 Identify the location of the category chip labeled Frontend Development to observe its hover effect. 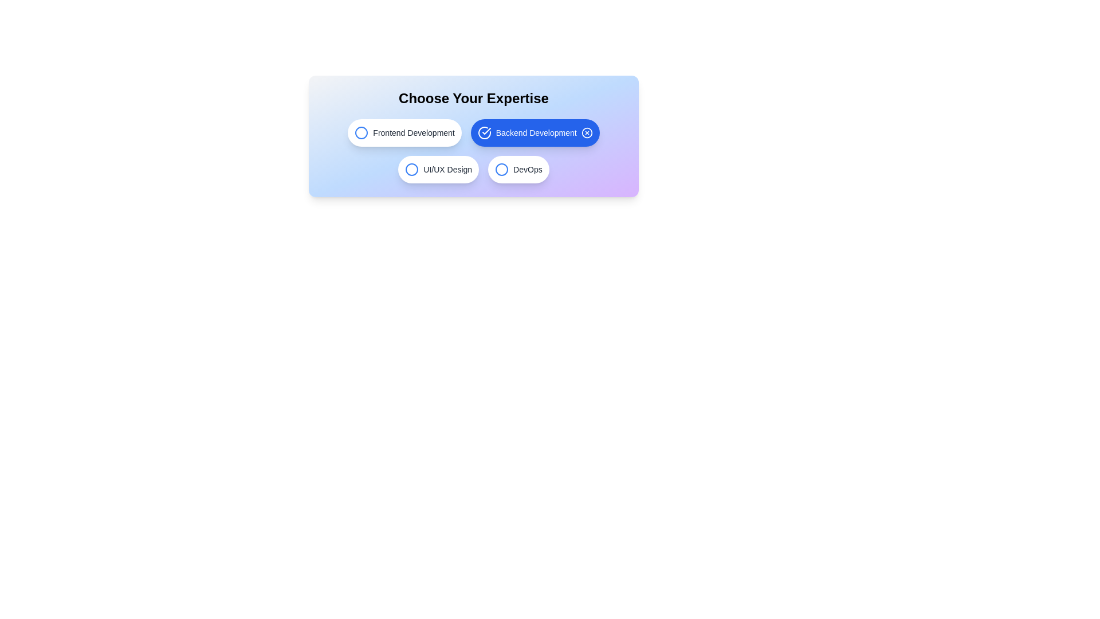
(404, 132).